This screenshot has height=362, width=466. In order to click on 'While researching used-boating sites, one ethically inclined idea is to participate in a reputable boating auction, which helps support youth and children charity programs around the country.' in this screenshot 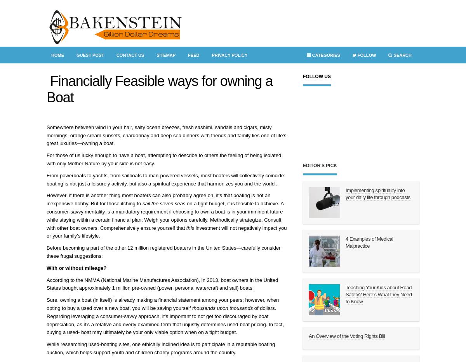, I will do `click(160, 348)`.